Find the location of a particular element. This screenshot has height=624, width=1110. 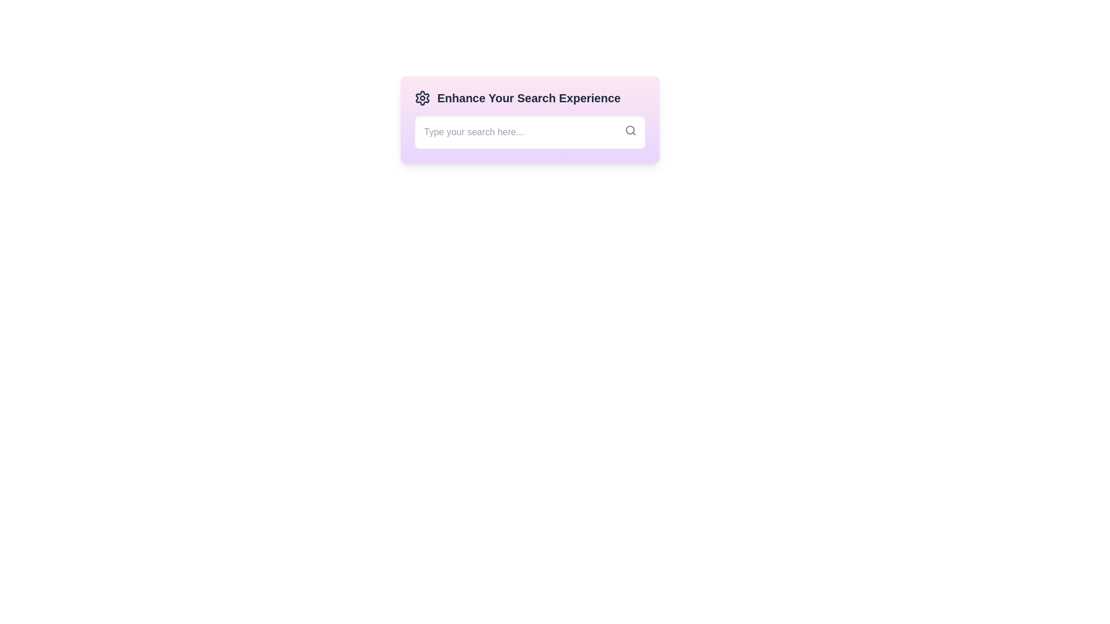

the search icon button located at the top-right corner of the search bar for accessibility interactions is located at coordinates (630, 130).